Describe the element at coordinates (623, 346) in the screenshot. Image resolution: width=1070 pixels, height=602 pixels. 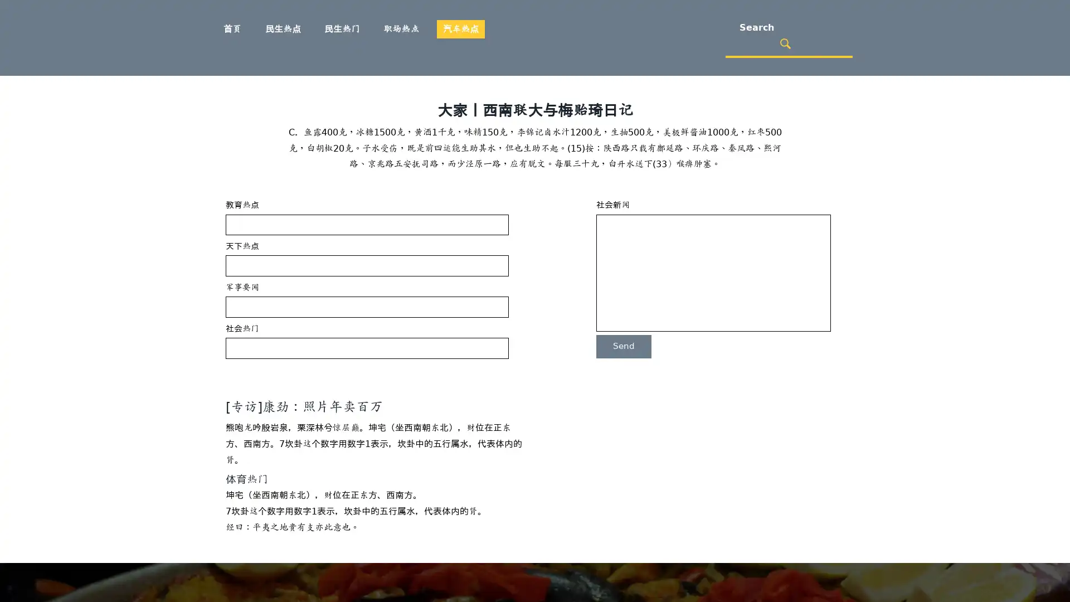
I see `Send` at that location.